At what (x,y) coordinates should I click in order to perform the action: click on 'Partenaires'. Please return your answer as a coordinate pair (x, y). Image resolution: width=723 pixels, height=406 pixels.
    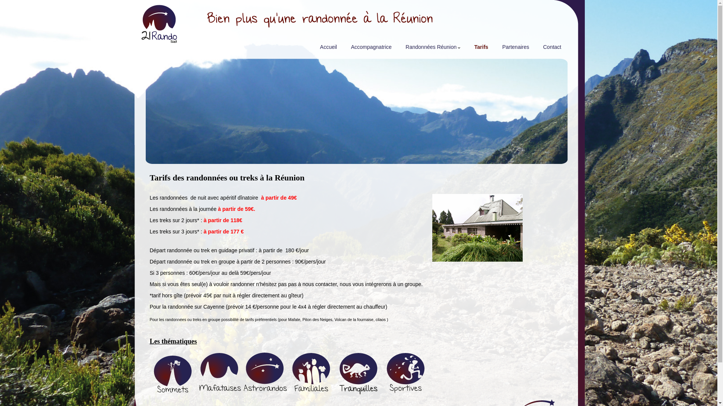
    Looking at the image, I should click on (514, 49).